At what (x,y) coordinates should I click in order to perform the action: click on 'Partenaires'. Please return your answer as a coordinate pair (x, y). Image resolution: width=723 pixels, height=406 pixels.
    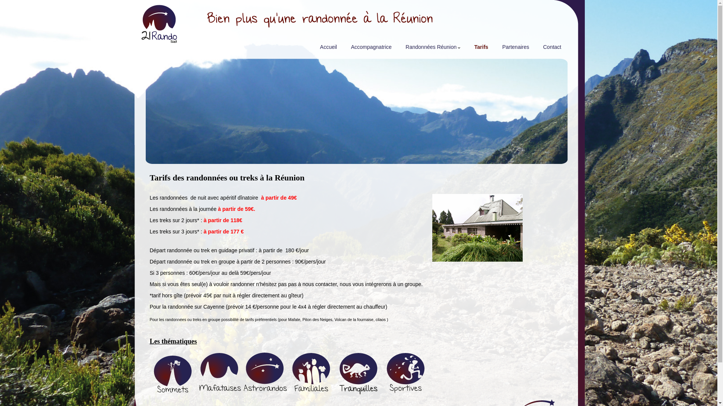
    Looking at the image, I should click on (514, 49).